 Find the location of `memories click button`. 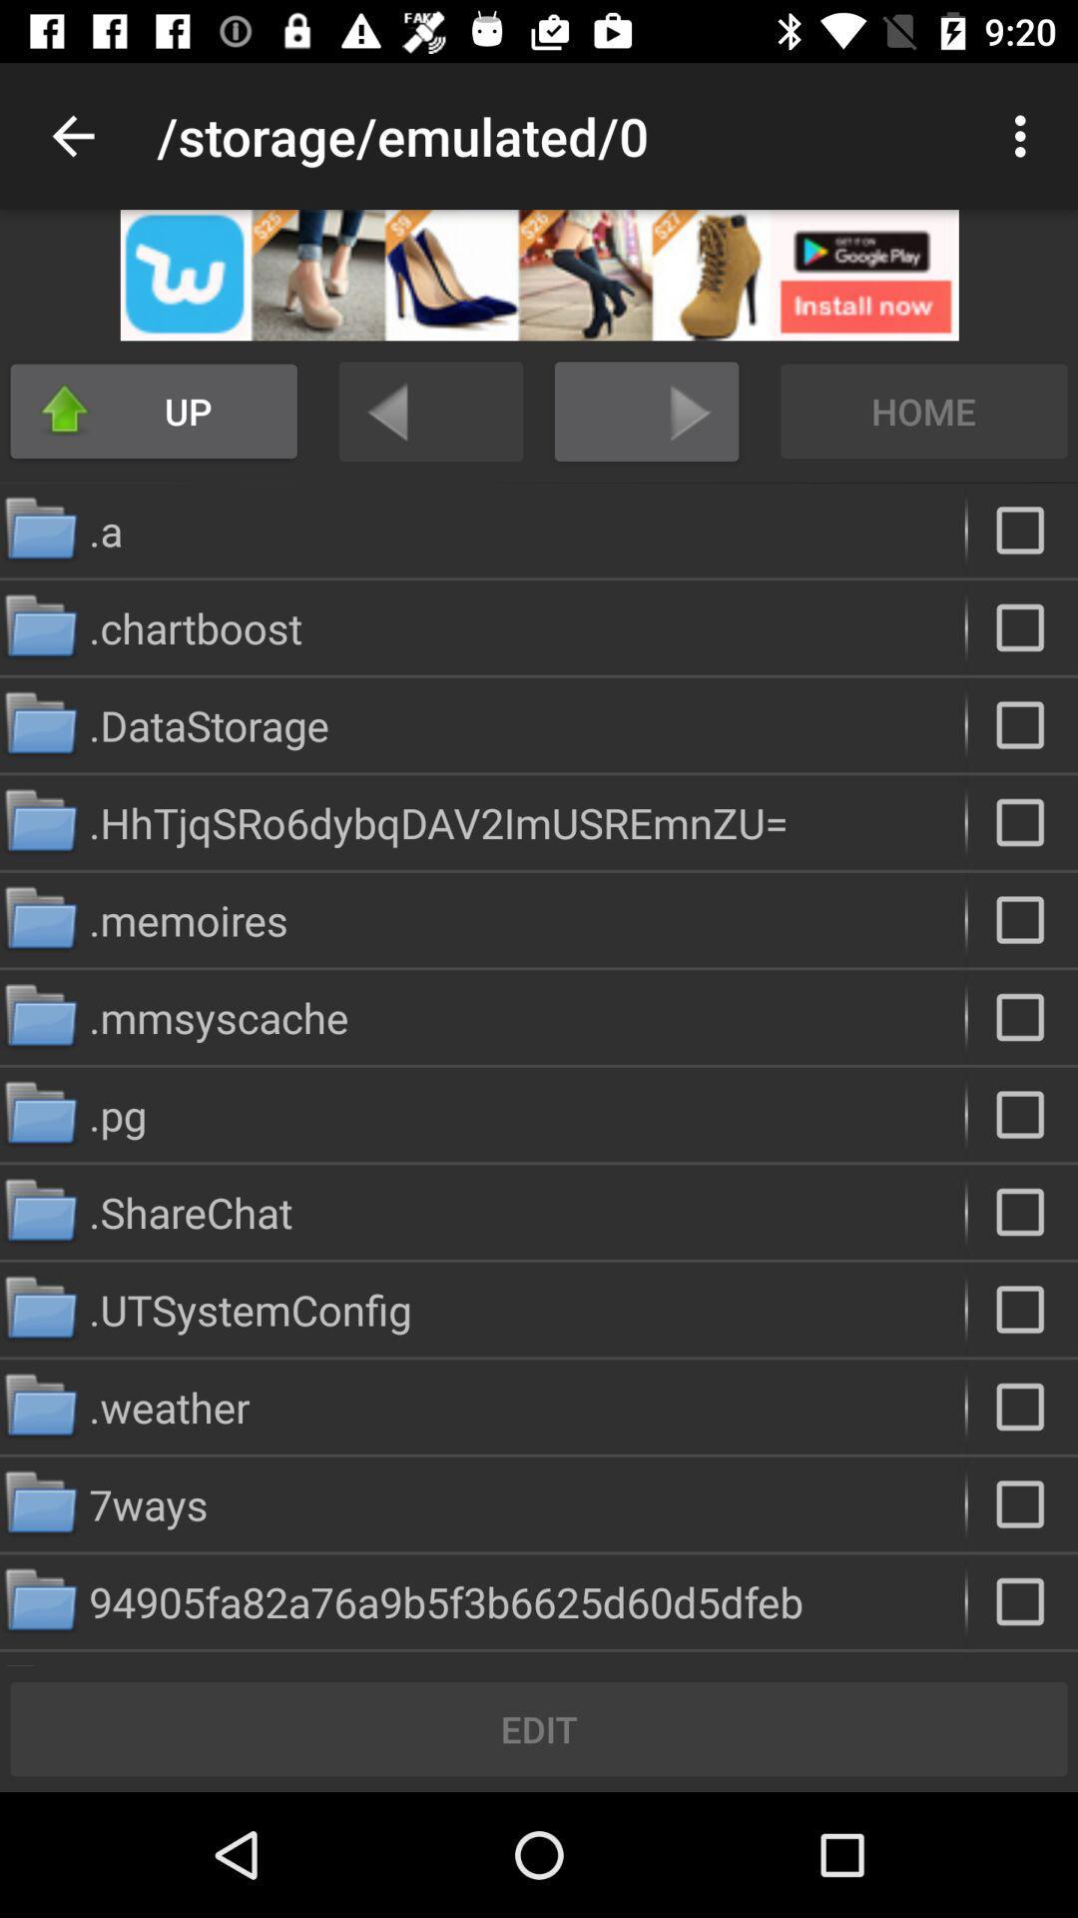

memories click button is located at coordinates (1022, 919).